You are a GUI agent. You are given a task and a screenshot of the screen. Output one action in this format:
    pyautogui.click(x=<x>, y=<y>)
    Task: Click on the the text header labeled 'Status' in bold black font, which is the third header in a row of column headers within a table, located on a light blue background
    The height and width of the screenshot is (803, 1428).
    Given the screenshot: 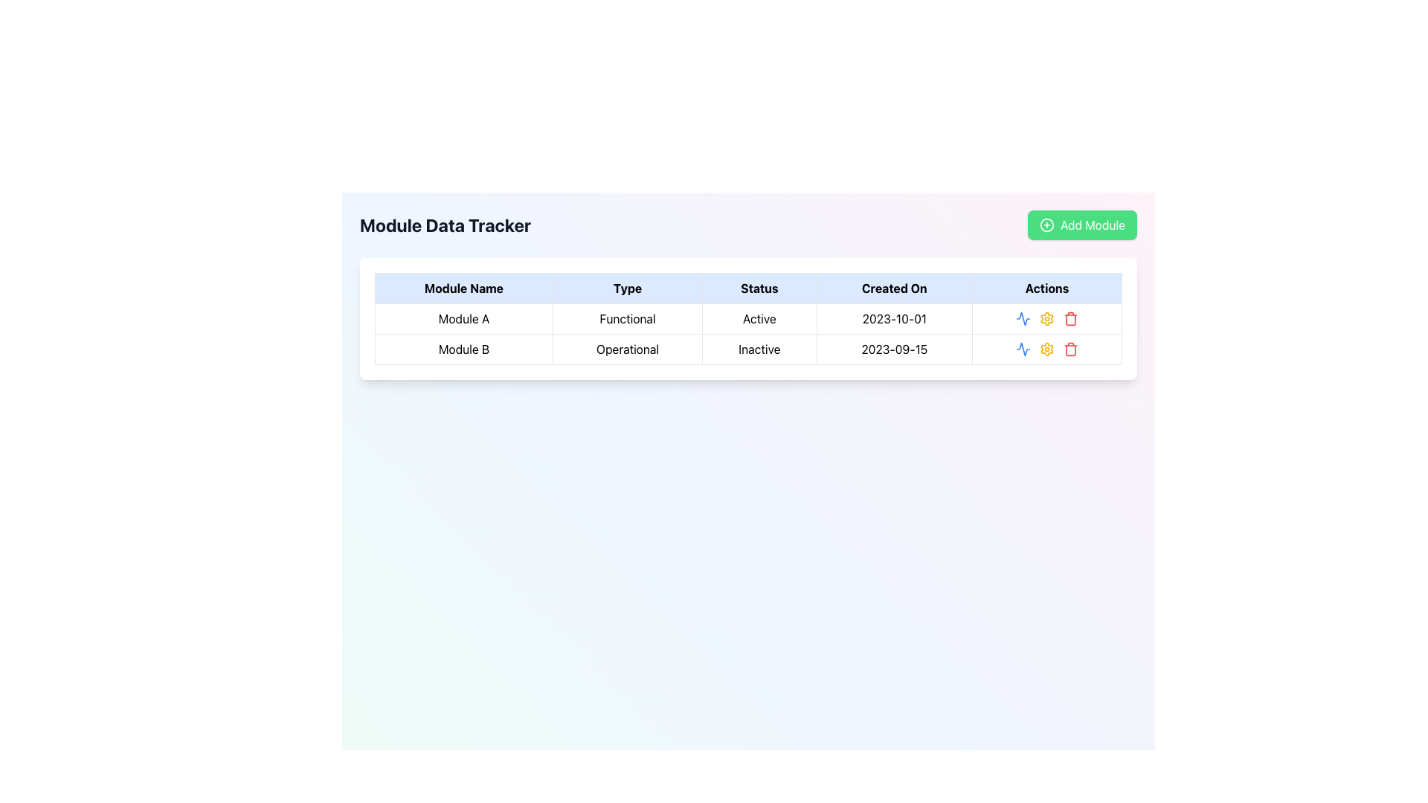 What is the action you would take?
    pyautogui.click(x=759, y=288)
    